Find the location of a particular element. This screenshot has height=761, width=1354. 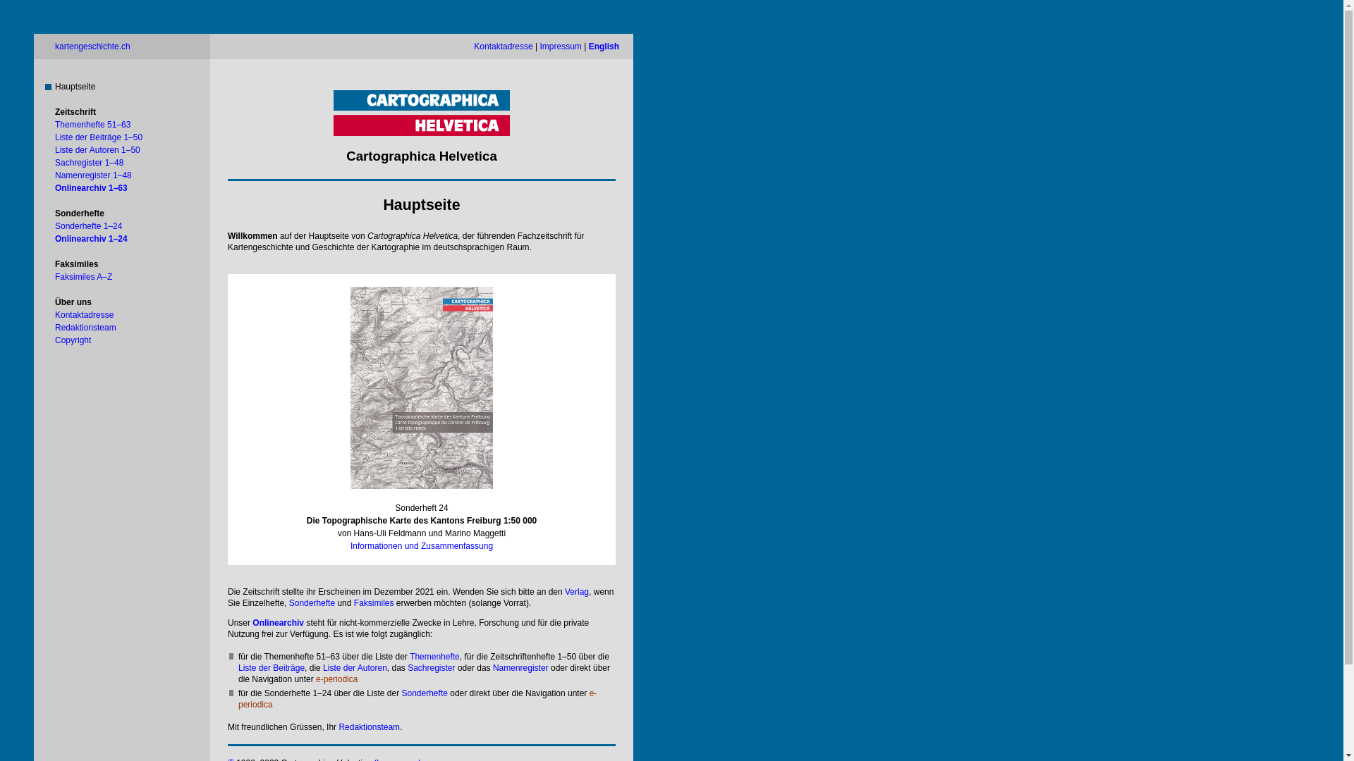

'Kontaktadresse' is located at coordinates (83, 314).